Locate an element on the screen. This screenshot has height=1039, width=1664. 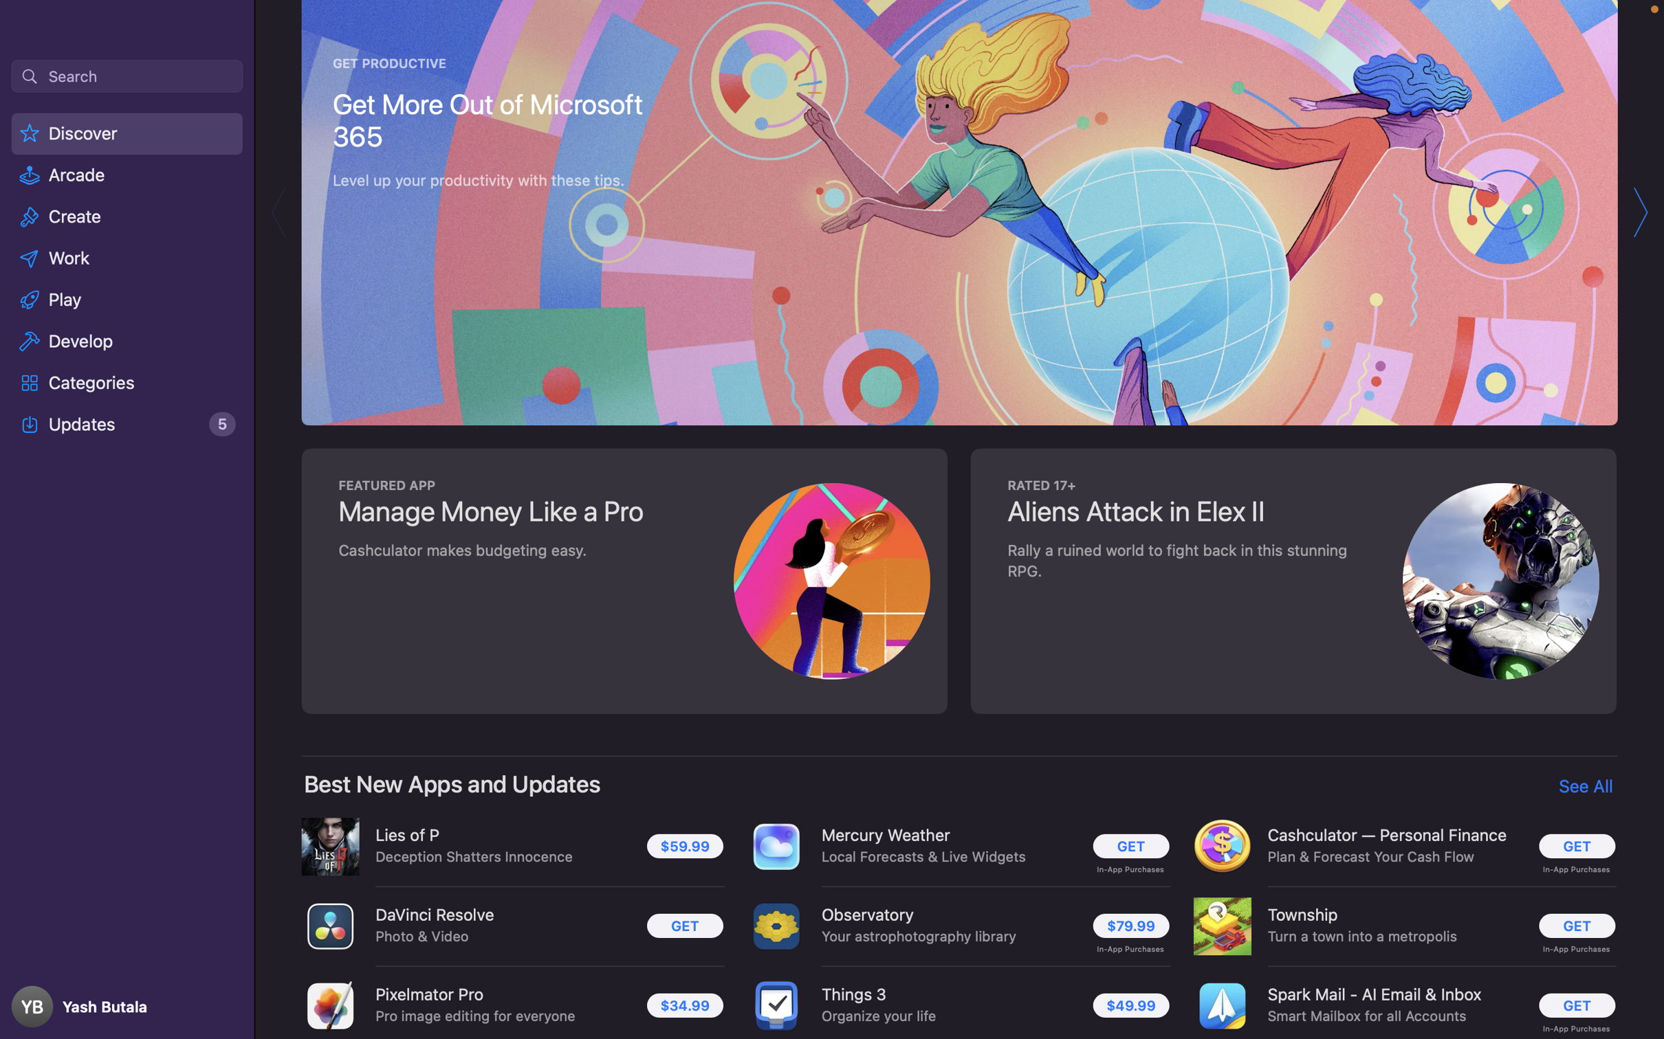
Scroll by 50 to see other applications is located at coordinates (961, 519).